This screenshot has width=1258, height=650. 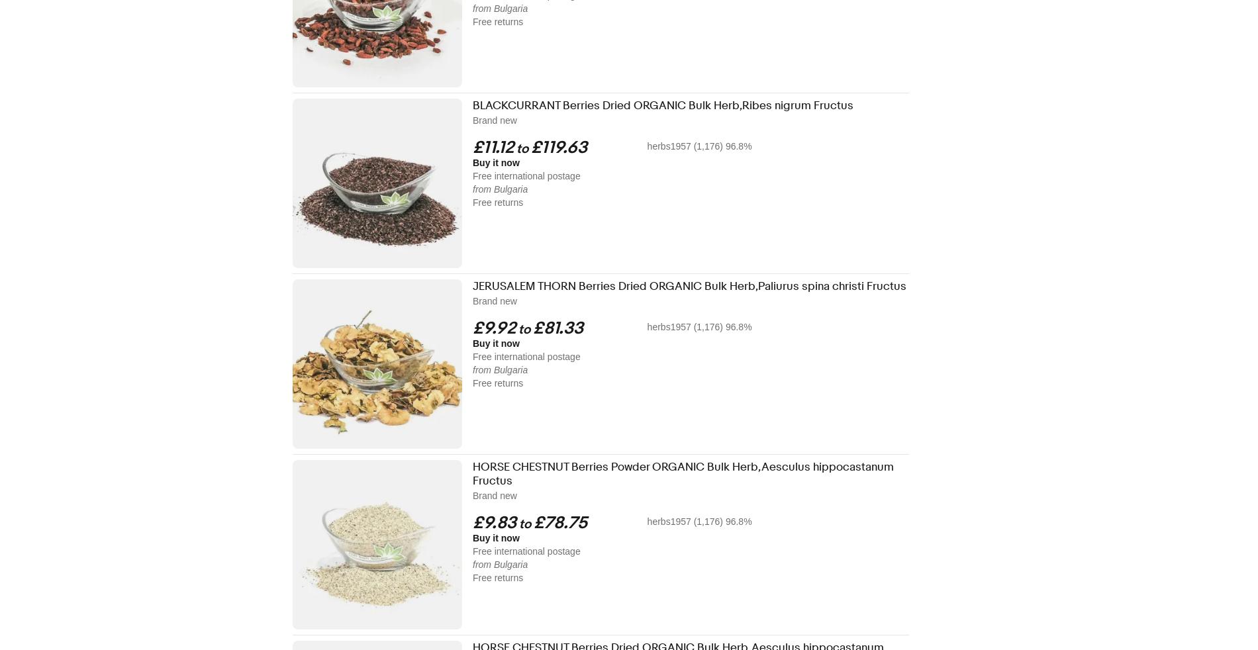 What do you see at coordinates (683, 473) in the screenshot?
I see `'HORSE CHESTNUT Berries Powder ORGANIC Bulk Herb,Aesculus hippocastanum Fructus'` at bounding box center [683, 473].